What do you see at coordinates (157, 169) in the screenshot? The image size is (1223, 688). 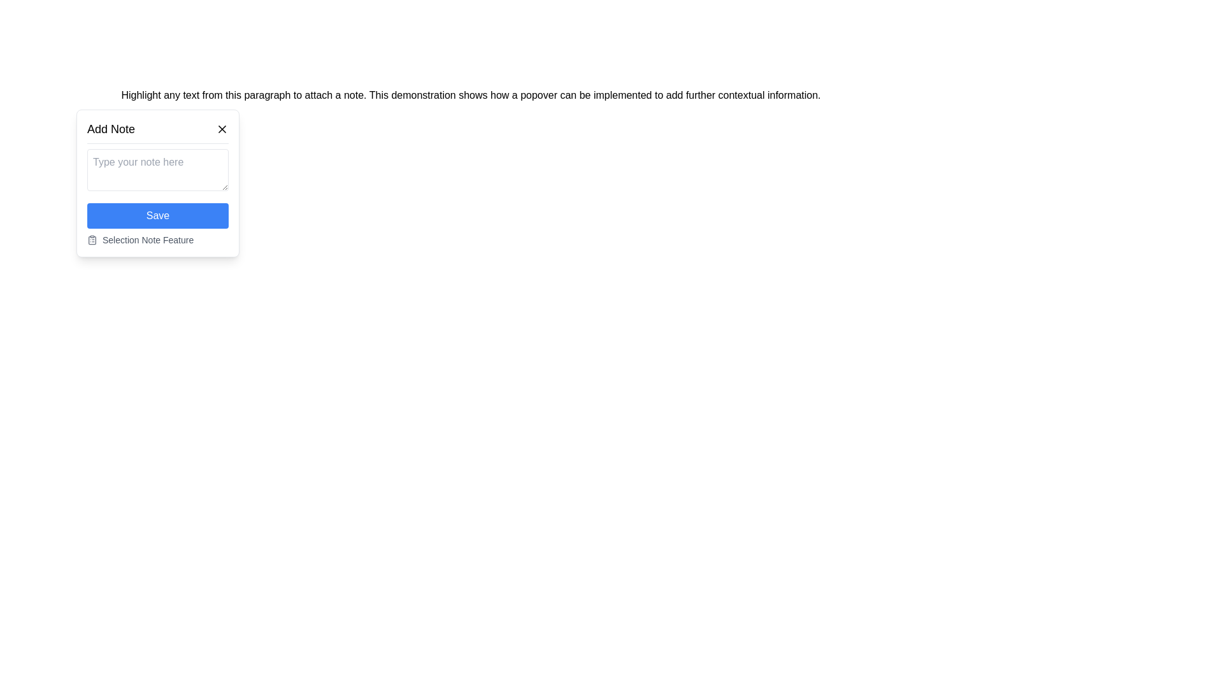 I see `the text input field for typing notes located in the 'Add Note' pop-up panel` at bounding box center [157, 169].